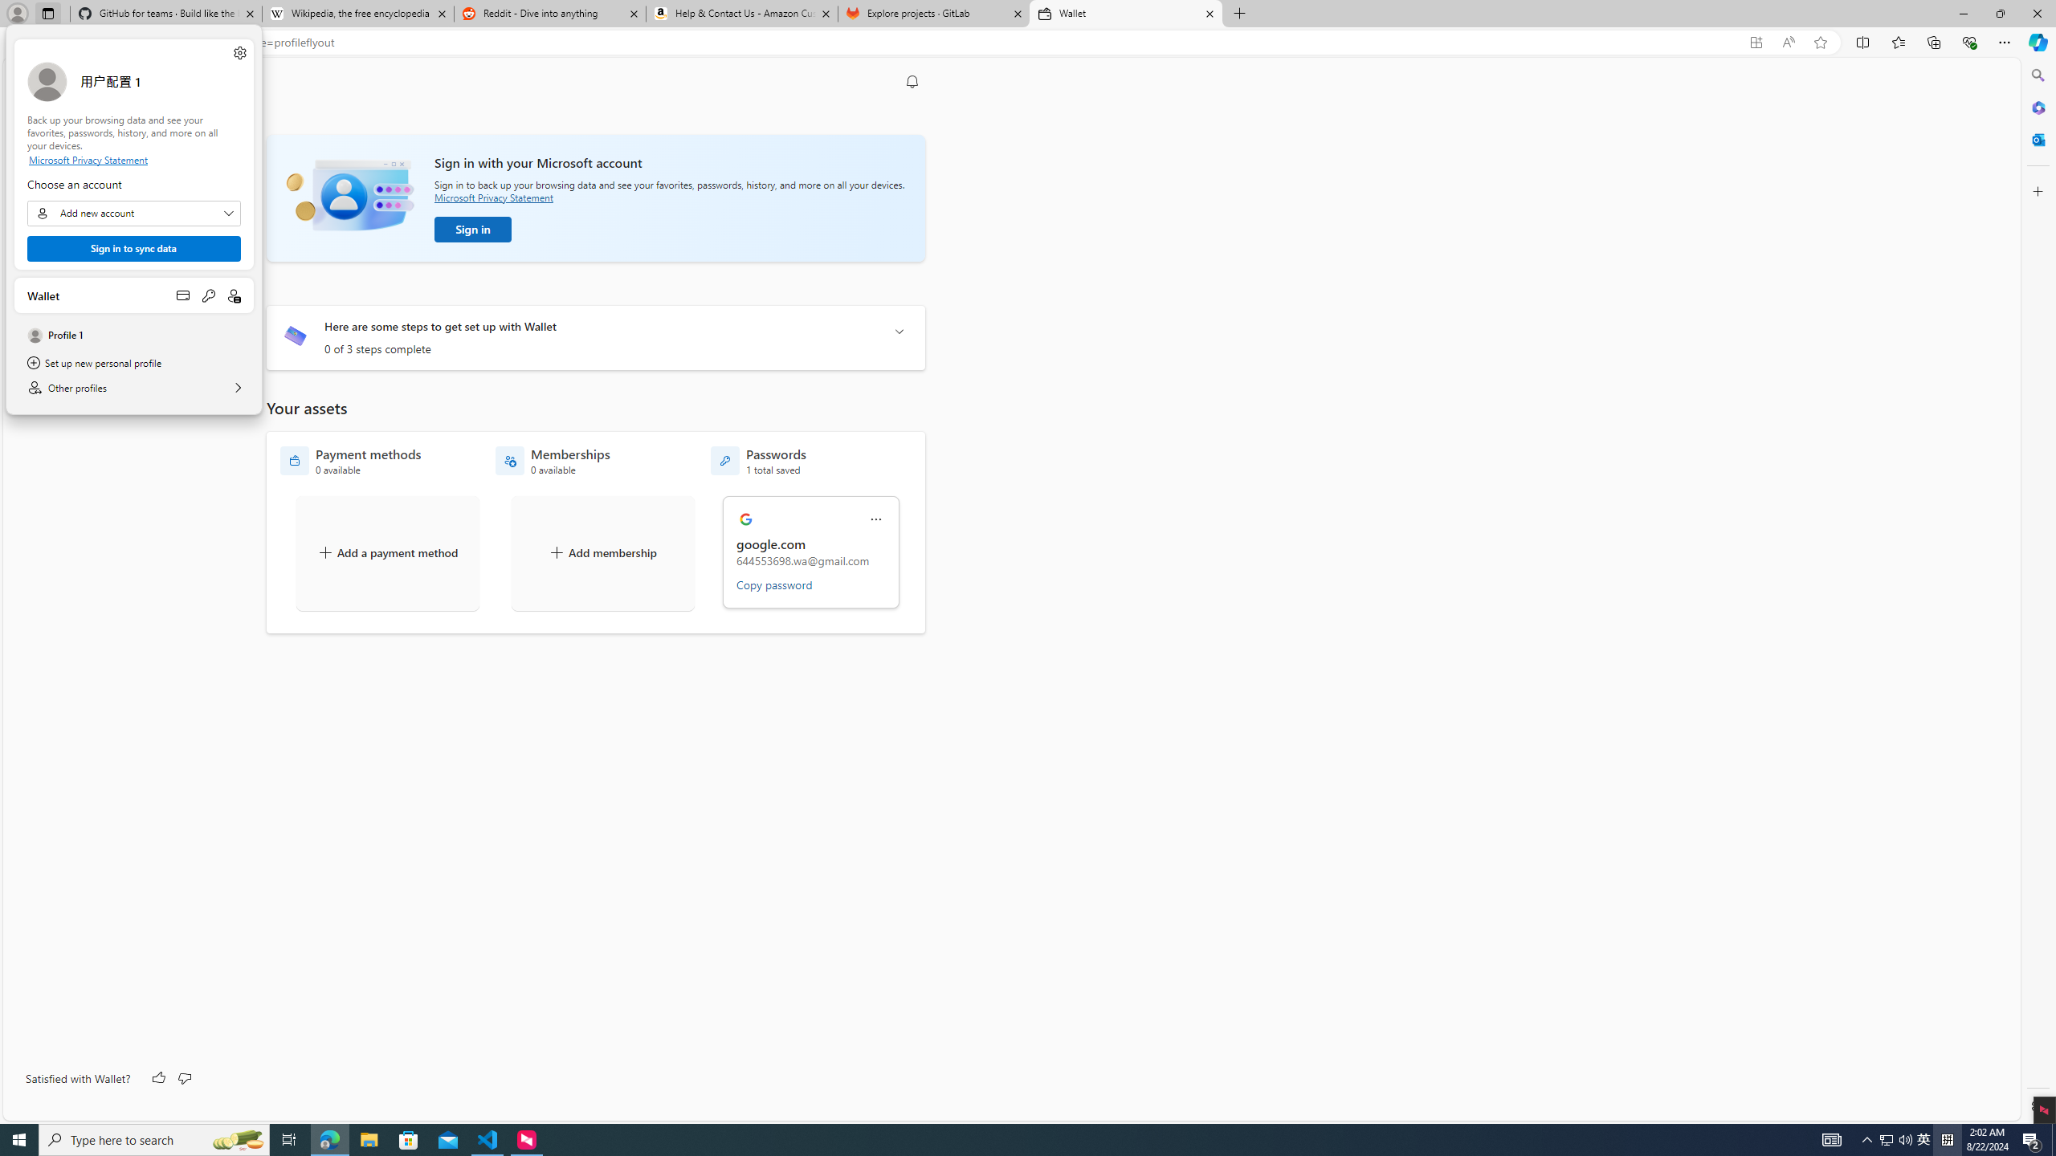 The image size is (2056, 1156). What do you see at coordinates (409, 1138) in the screenshot?
I see `'Microsoft Store'` at bounding box center [409, 1138].